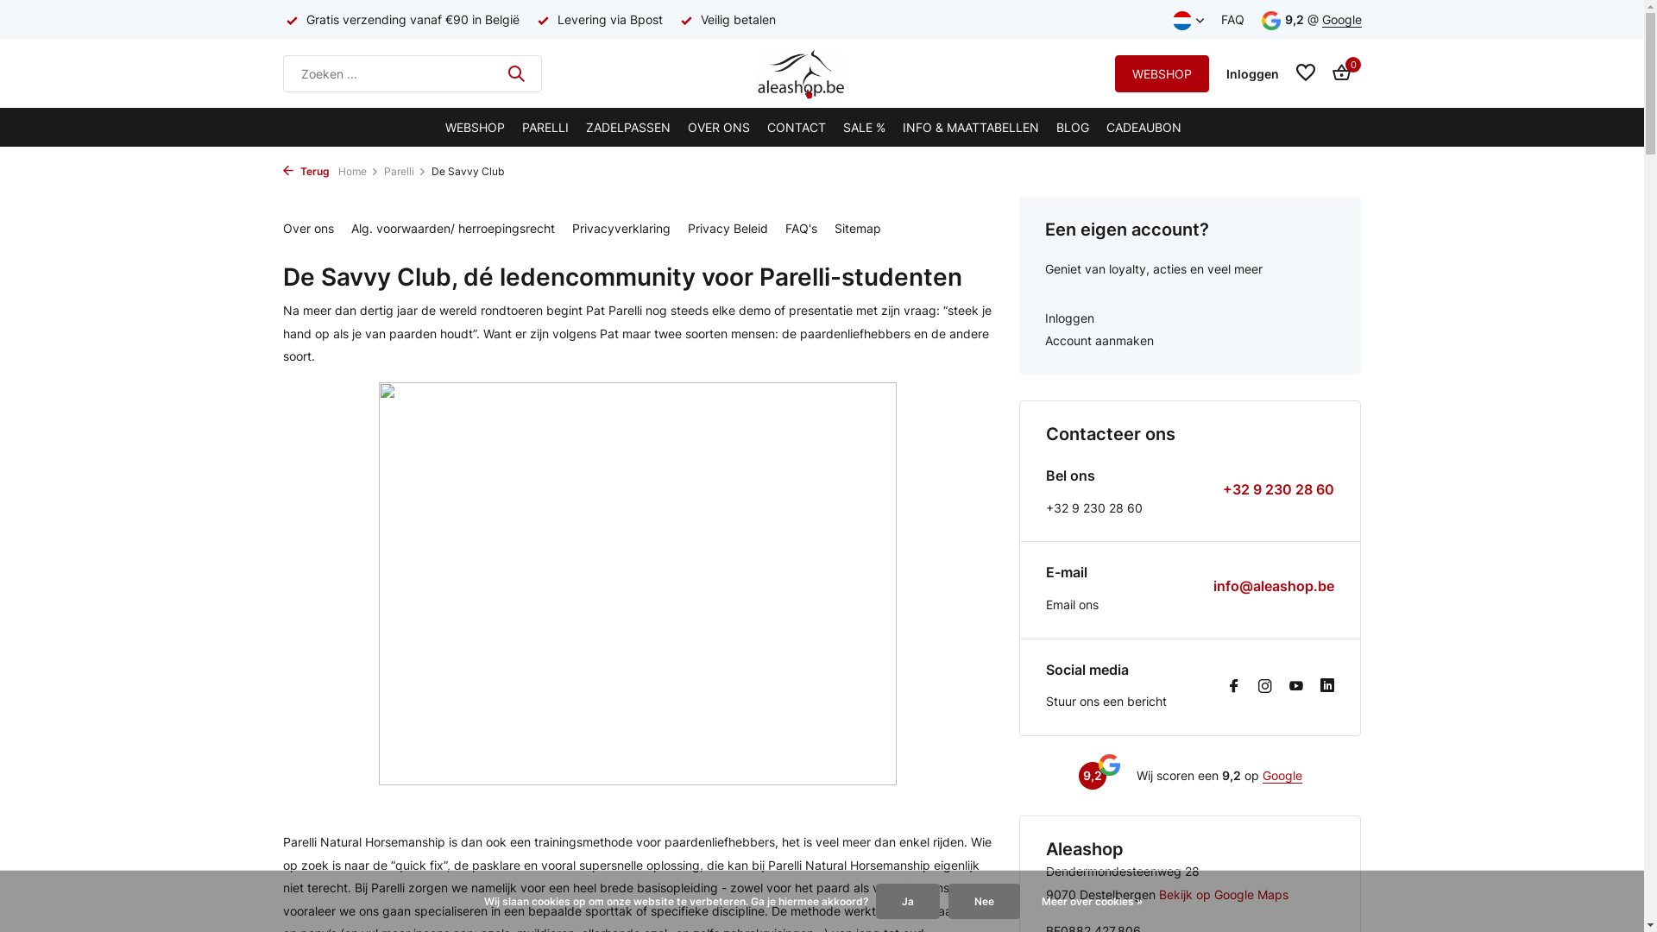  Describe the element at coordinates (1336, 72) in the screenshot. I see `'0'` at that location.